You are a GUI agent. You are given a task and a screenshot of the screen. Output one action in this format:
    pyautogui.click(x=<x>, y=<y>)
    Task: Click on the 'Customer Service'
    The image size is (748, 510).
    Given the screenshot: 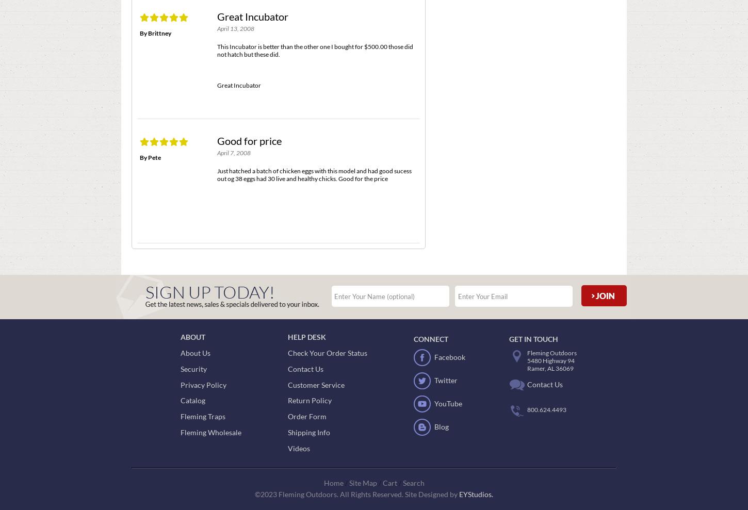 What is the action you would take?
    pyautogui.click(x=316, y=384)
    